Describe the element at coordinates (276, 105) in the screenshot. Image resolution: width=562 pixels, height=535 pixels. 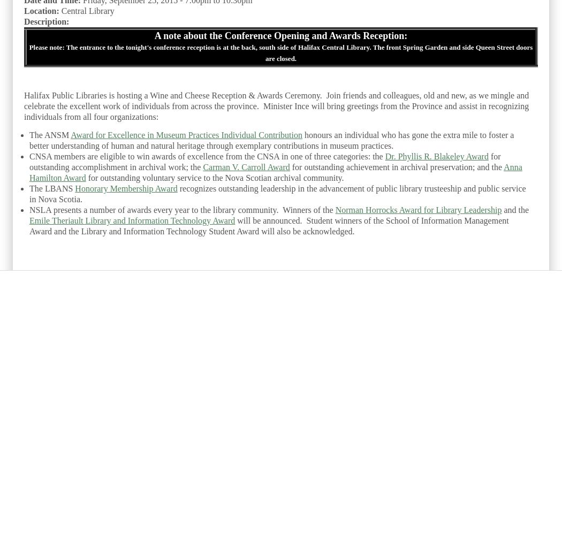
I see `'Halifax Public Libraries is hosting a Wine and Cheese Reception & Awards Ceremony.  Join friends and colleagues, old and new, as we mingle and celebrate the excellent work of individuals from across the province.  Minister Ince will bring greetings from the Province and assist in recognizing individuals from all four organizations:'` at that location.